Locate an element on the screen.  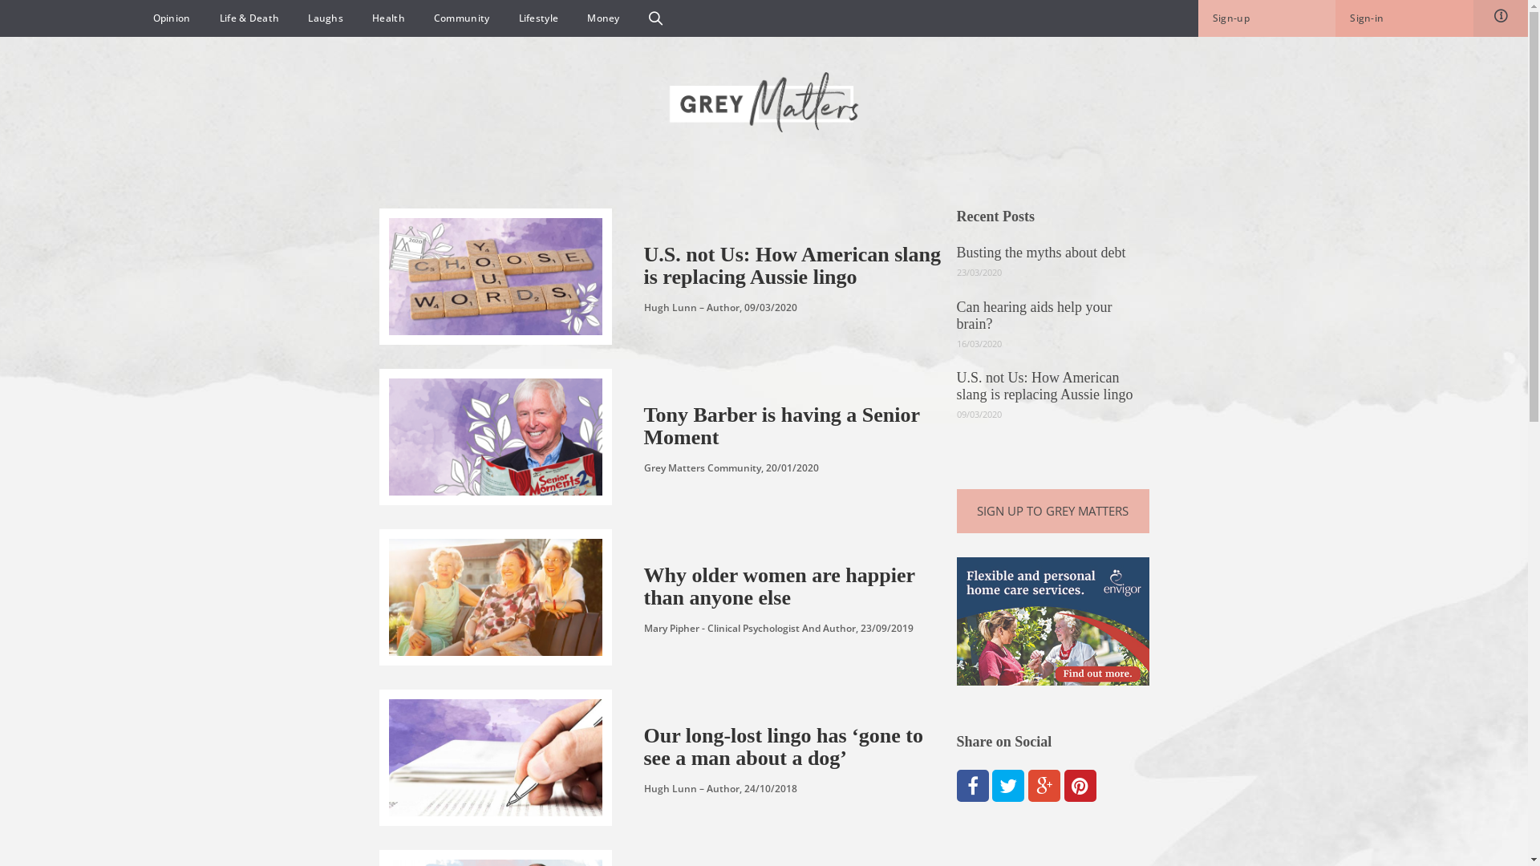
'Health' is located at coordinates (388, 18).